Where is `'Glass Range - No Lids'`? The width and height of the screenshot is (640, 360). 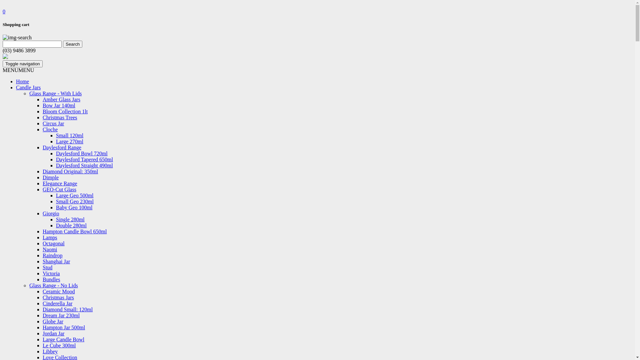
'Glass Range - No Lids' is located at coordinates (54, 285).